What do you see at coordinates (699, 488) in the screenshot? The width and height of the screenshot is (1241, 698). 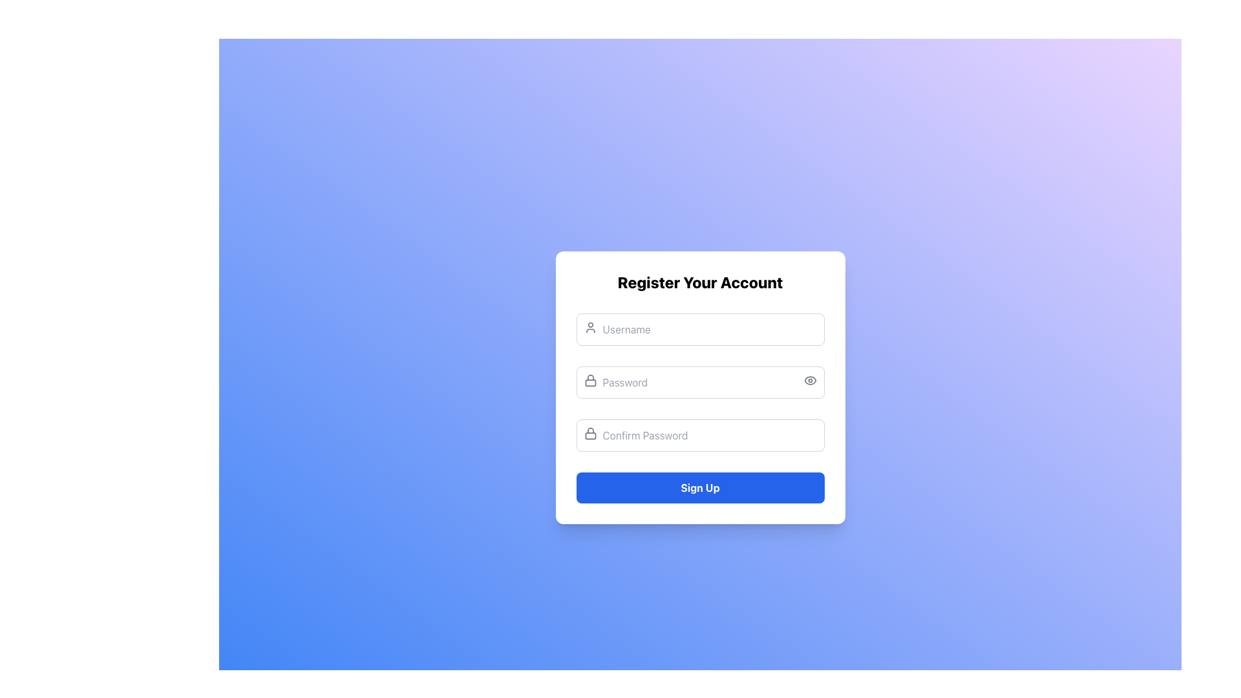 I see `the 'Sign Up' button, which is a rectangular button with a blue background and white bold text, located at the bottom of the form section for account registration` at bounding box center [699, 488].